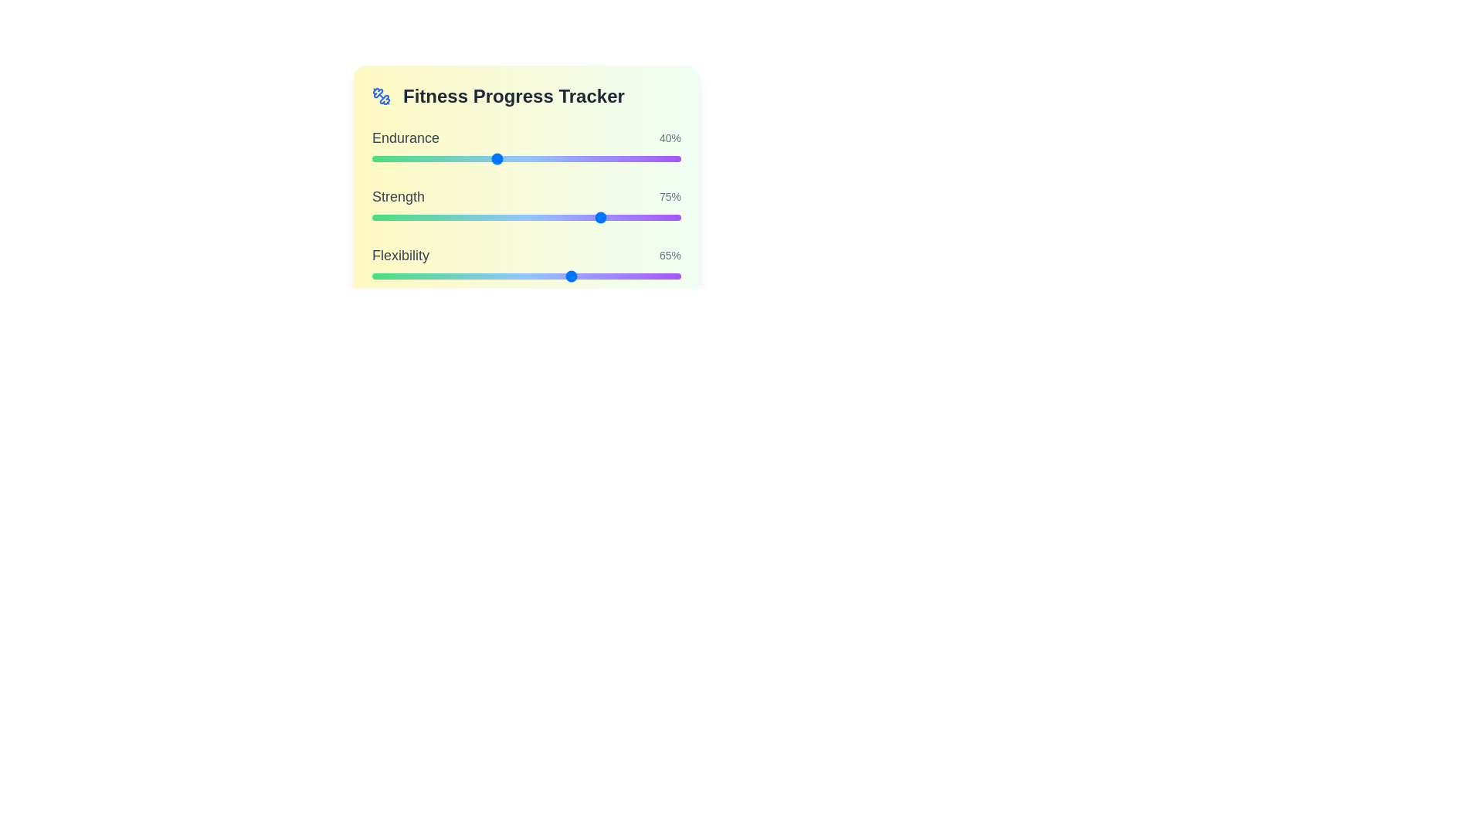  I want to click on the '75%' text label which displays a percentage value in a small, gray font, located to the right of the 'Strength' label and aligned horizontally with it, so click(670, 195).